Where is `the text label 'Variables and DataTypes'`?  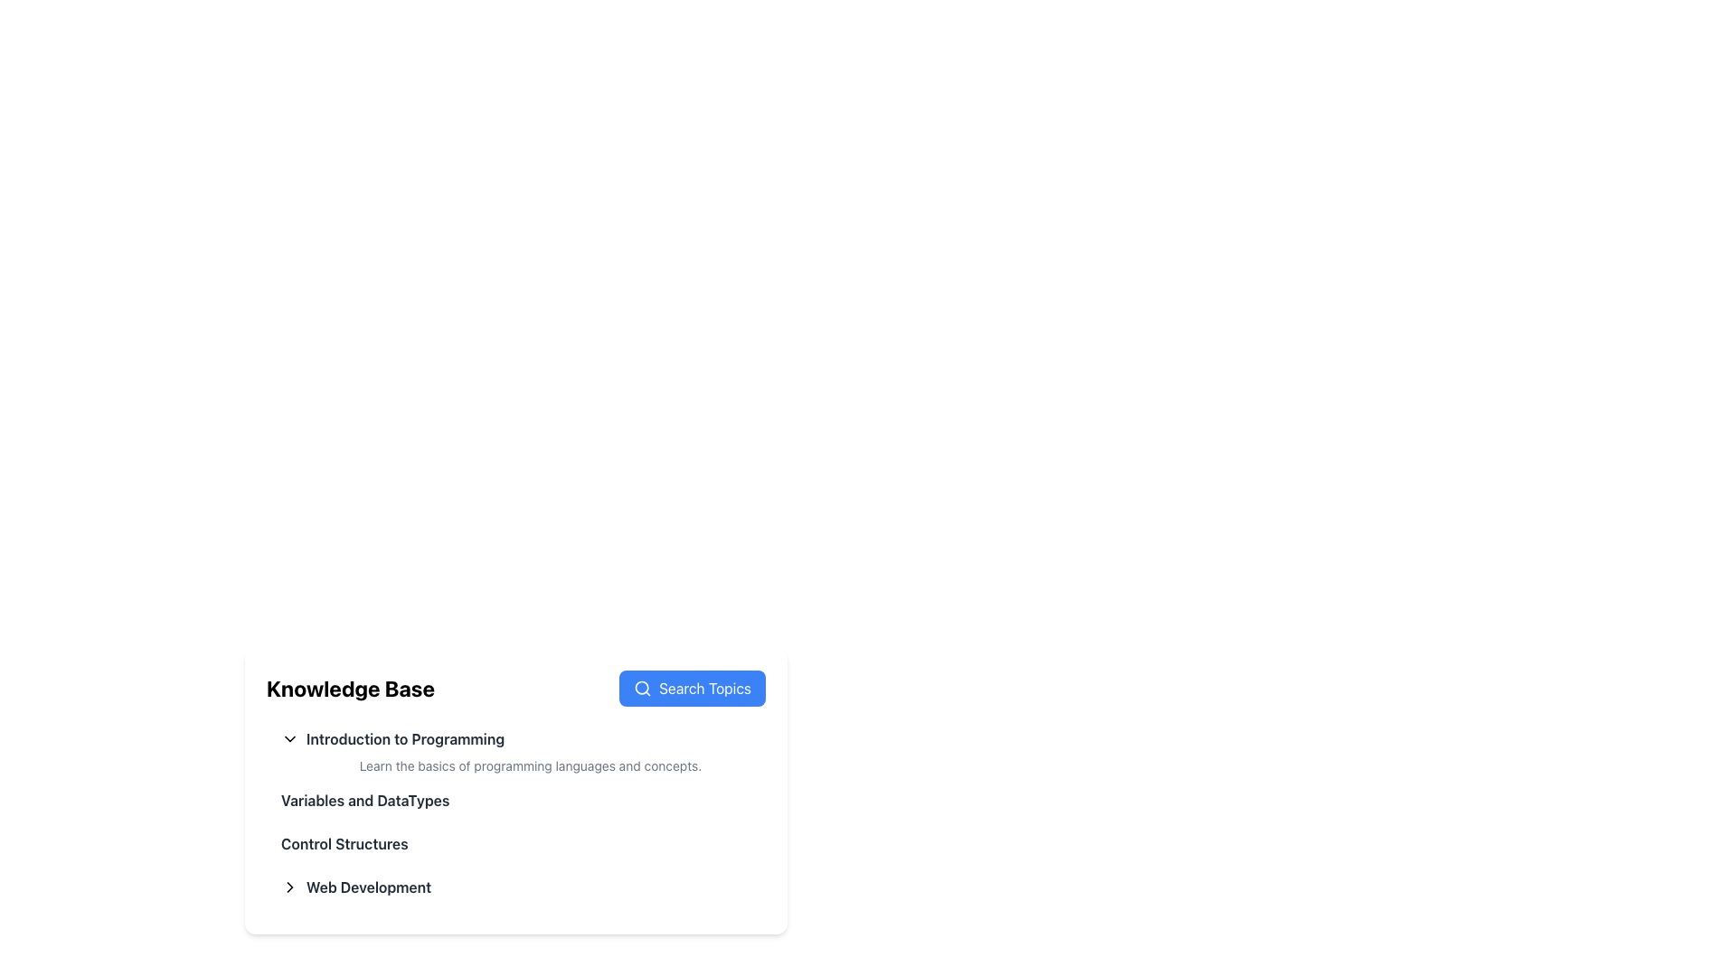 the text label 'Variables and DataTypes' is located at coordinates (363, 800).